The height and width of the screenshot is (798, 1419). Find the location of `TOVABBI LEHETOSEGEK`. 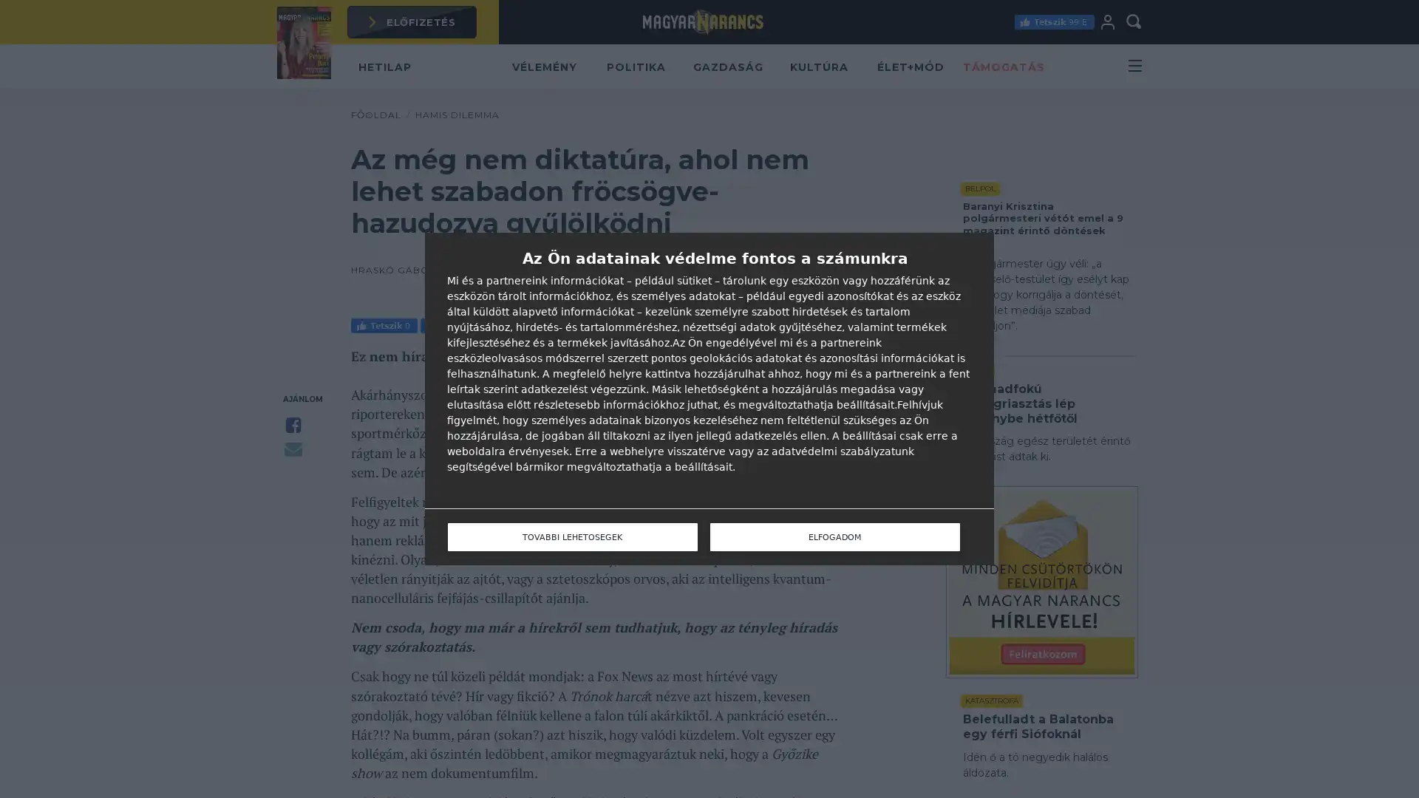

TOVABBI LEHETOSEGEK is located at coordinates (571, 536).